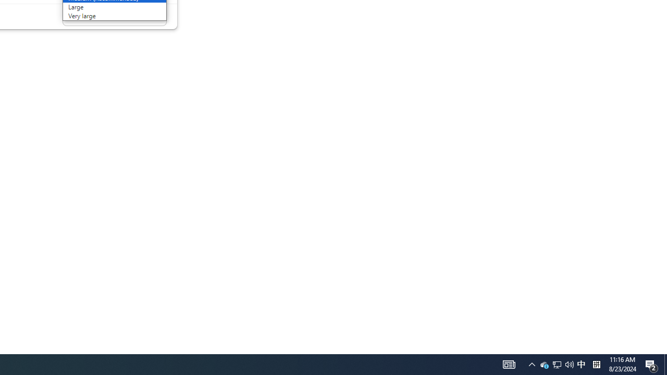 The width and height of the screenshot is (667, 375). I want to click on 'Large', so click(101, 7).